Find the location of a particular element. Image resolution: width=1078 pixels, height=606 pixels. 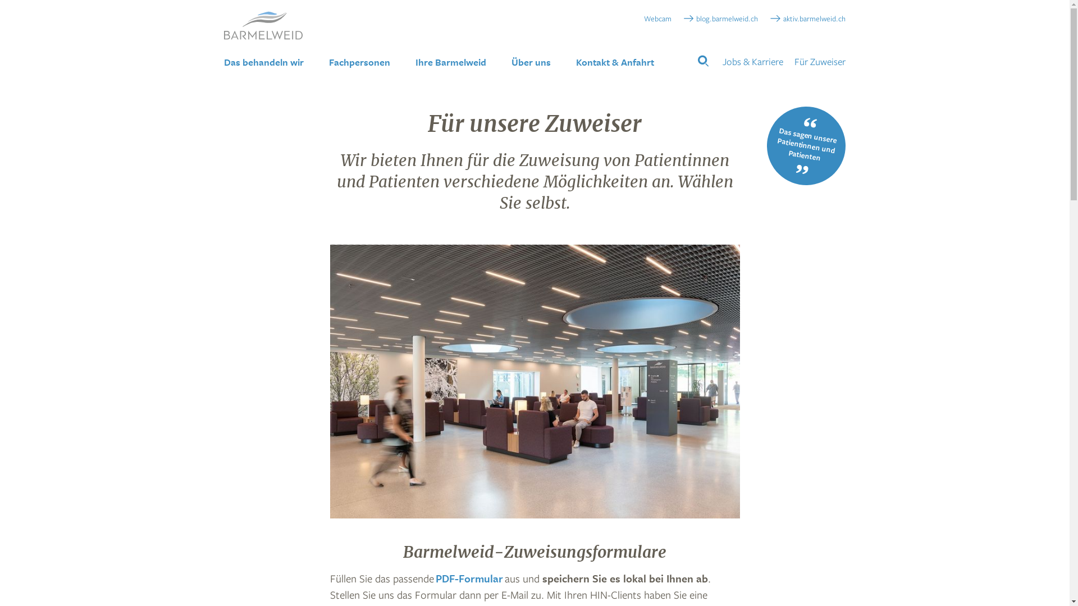

'PDF-Formular' is located at coordinates (469, 579).